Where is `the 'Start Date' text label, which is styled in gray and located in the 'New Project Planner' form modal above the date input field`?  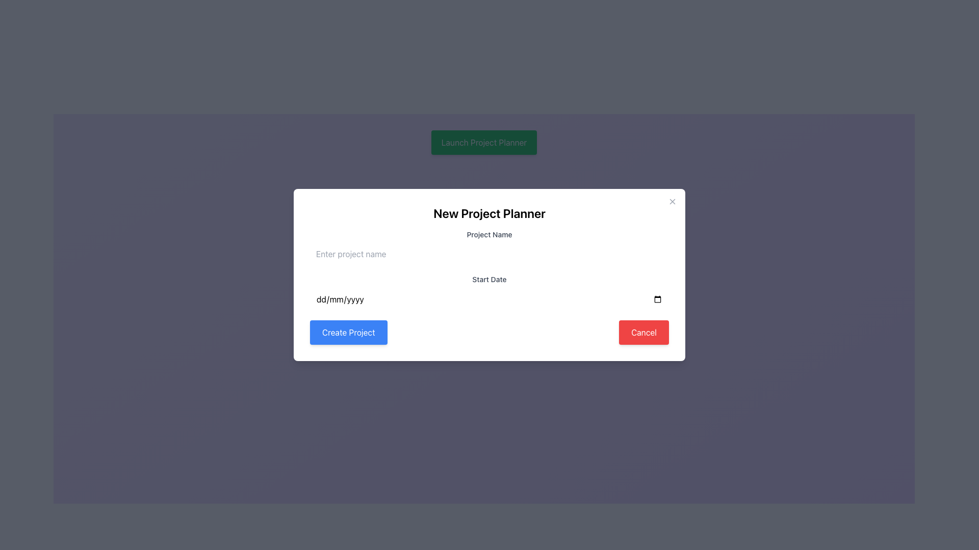
the 'Start Date' text label, which is styled in gray and located in the 'New Project Planner' form modal above the date input field is located at coordinates (489, 279).